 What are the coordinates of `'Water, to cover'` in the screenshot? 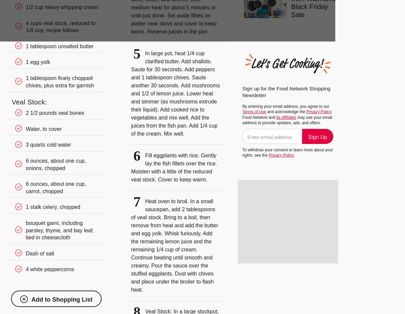 It's located at (43, 128).